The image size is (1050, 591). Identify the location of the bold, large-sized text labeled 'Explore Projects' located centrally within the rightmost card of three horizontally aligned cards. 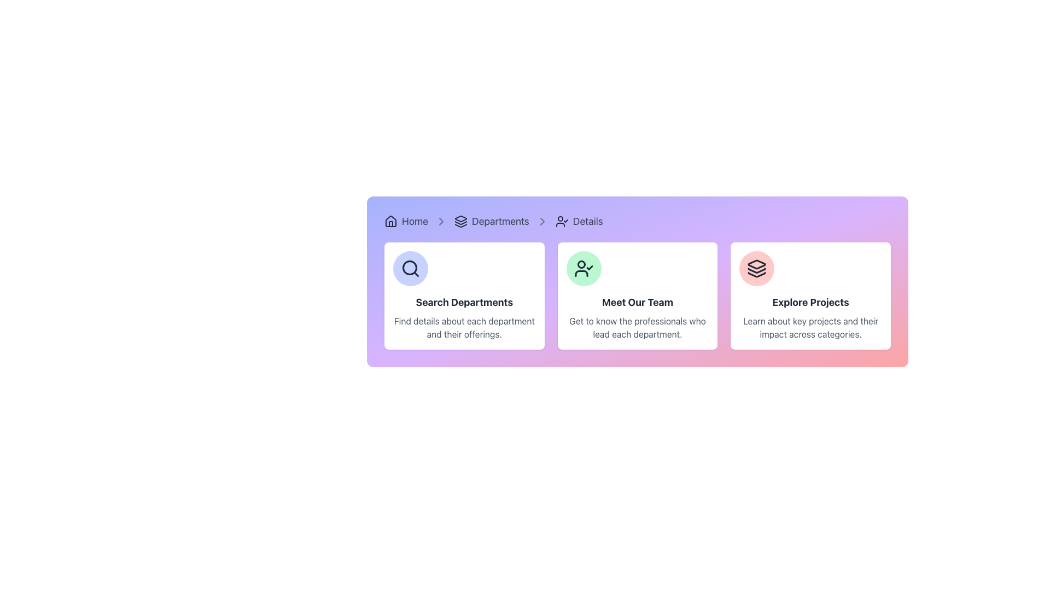
(810, 302).